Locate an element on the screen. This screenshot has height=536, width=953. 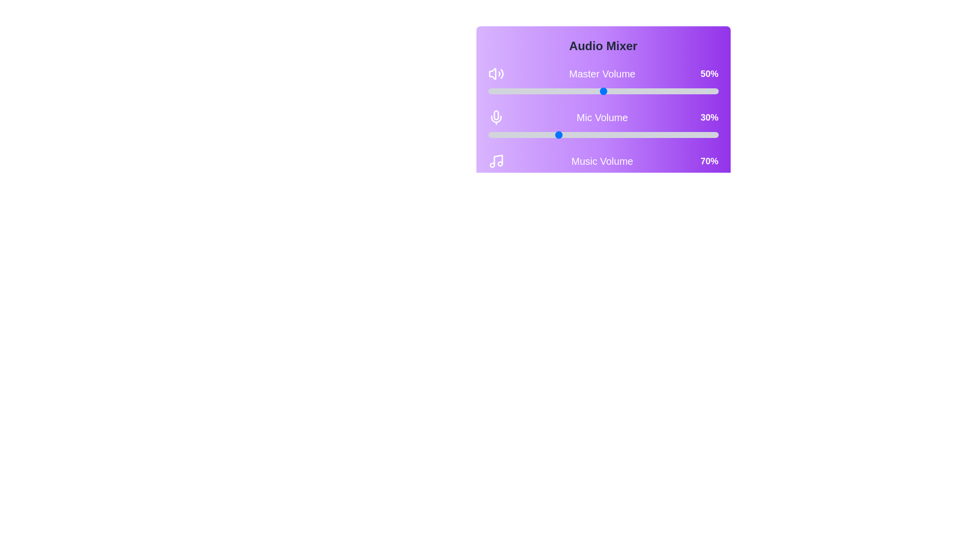
the Master Volume slider is located at coordinates (663, 91).